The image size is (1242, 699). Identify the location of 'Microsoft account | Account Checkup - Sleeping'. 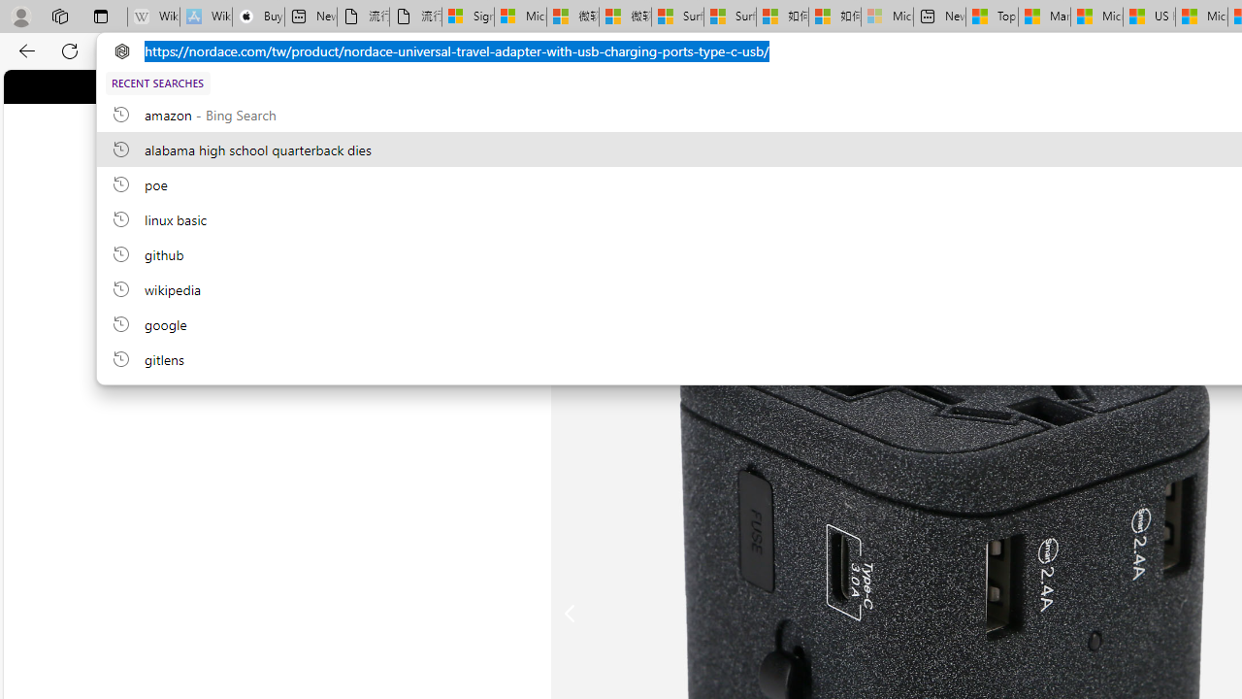
(886, 17).